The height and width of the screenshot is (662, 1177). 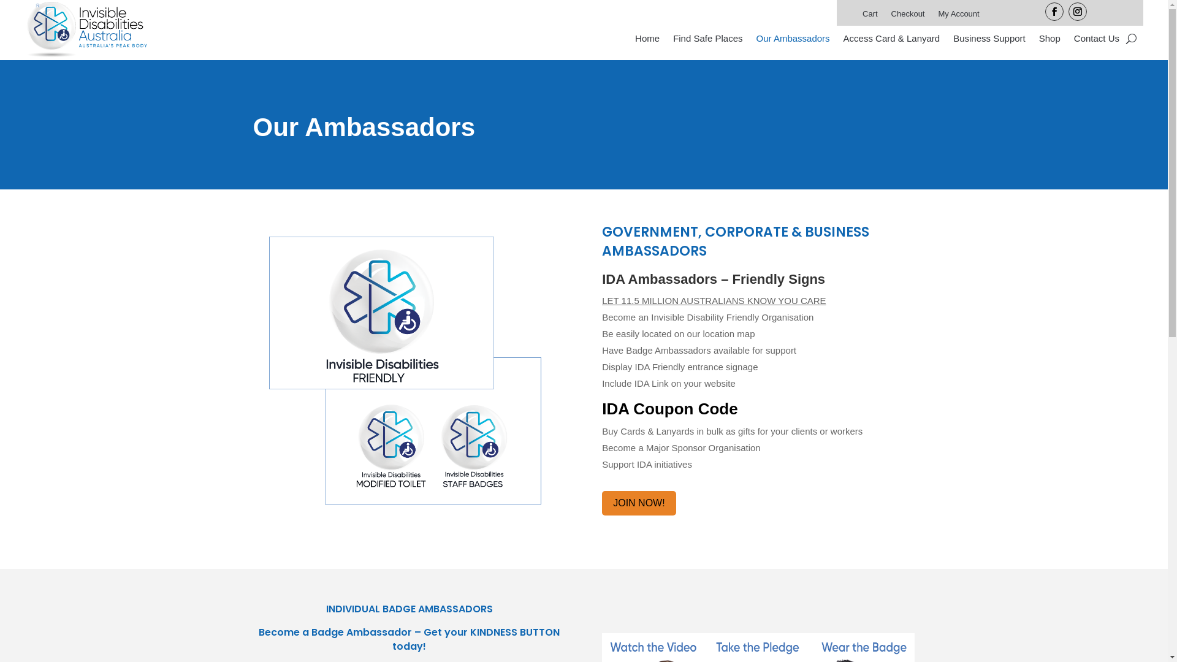 I want to click on 'My Account', so click(x=937, y=17).